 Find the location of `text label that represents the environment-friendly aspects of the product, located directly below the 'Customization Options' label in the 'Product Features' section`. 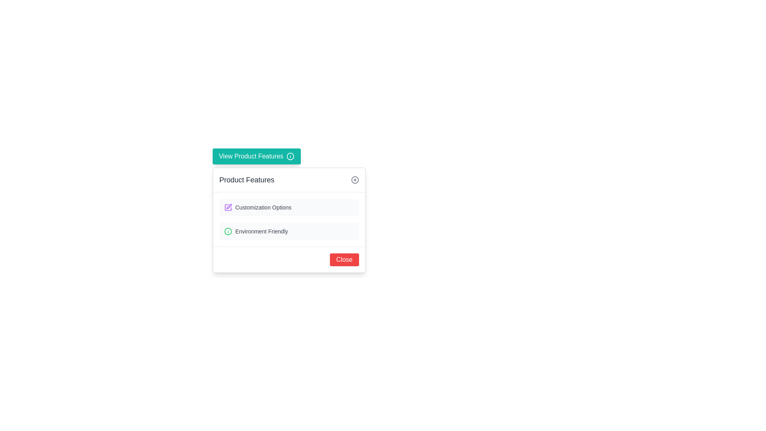

text label that represents the environment-friendly aspects of the product, located directly below the 'Customization Options' label in the 'Product Features' section is located at coordinates (261, 231).